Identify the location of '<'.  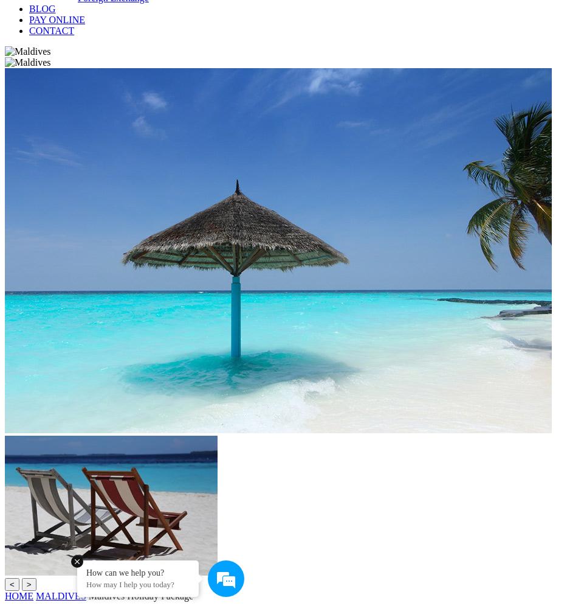
(11, 584).